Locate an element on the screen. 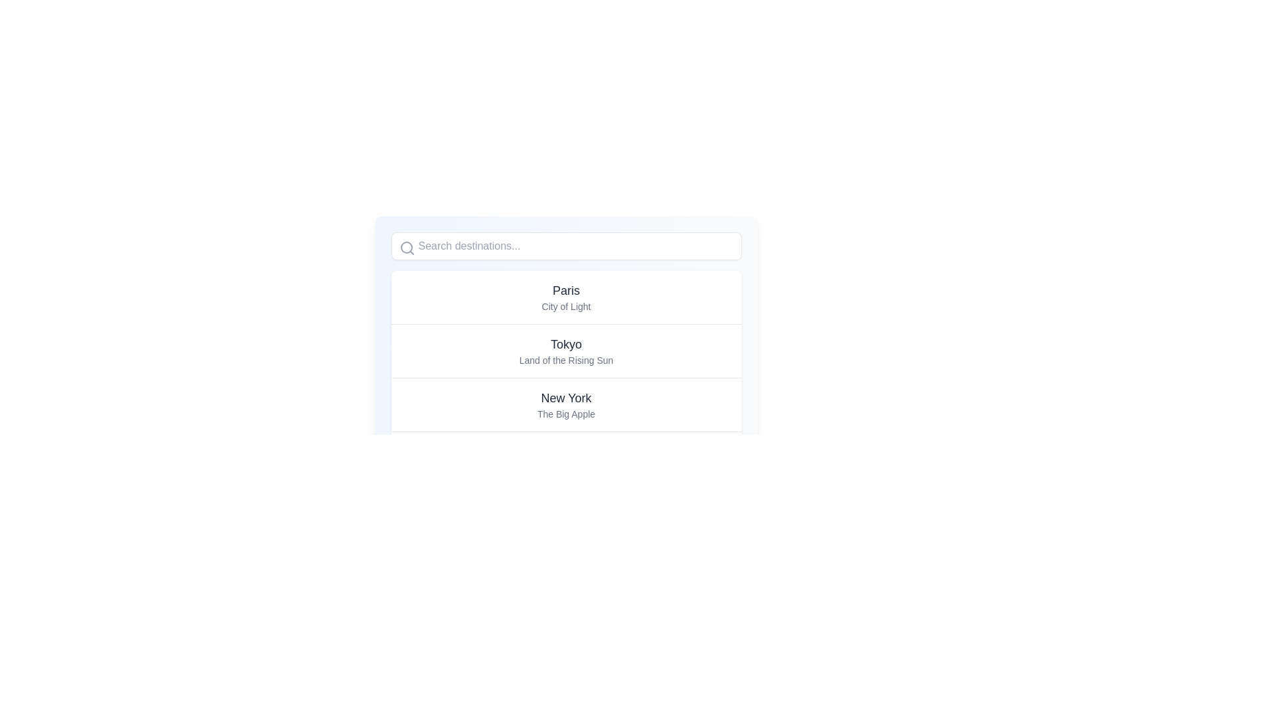 This screenshot has height=717, width=1274. the text label indicating the name 'Paris', which serves as a title above the text 'City of Light' in the clickable card of the dropdown list is located at coordinates (566, 290).